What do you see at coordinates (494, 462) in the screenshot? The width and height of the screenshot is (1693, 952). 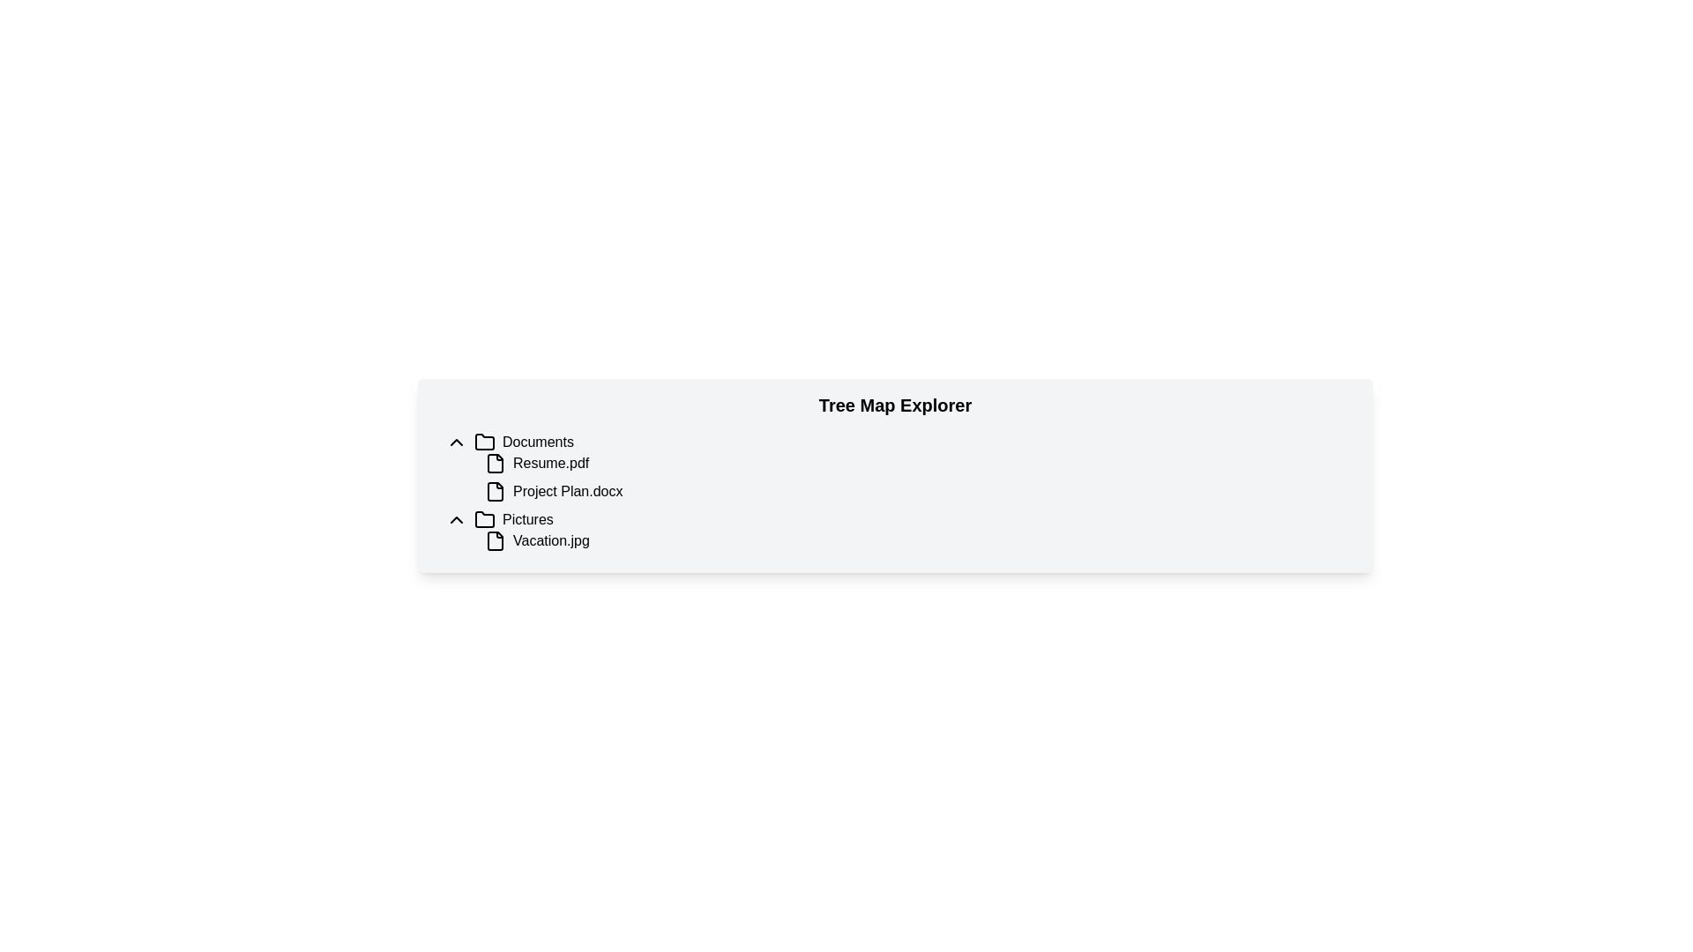 I see `the File icon representing the 'Resume.pdf' document entry in the 'Documents' folder section` at bounding box center [494, 462].